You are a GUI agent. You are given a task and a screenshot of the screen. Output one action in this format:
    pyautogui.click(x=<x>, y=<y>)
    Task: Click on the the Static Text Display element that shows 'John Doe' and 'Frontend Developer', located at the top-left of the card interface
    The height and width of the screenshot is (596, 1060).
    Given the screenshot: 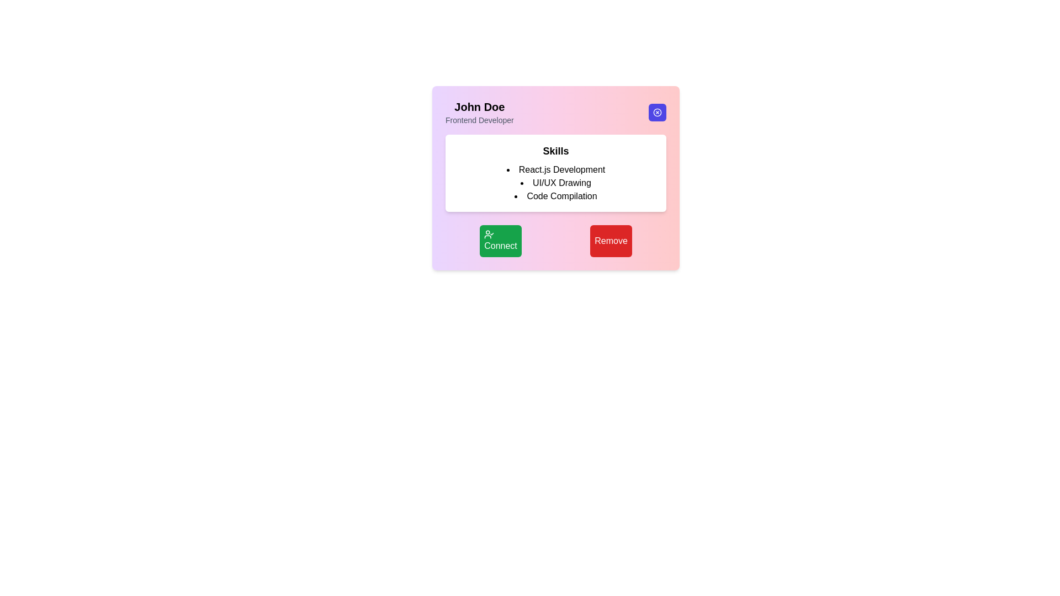 What is the action you would take?
    pyautogui.click(x=479, y=113)
    